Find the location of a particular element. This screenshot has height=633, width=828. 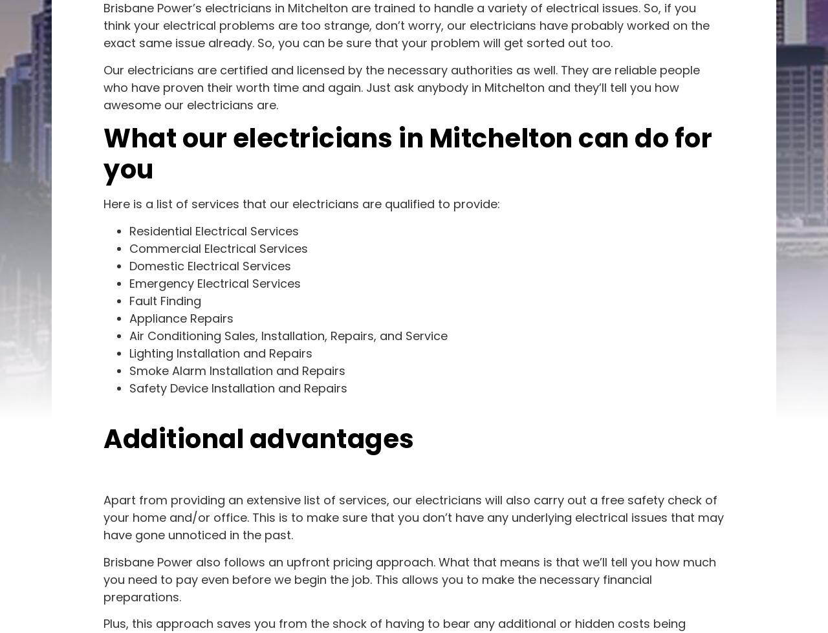

'Additional advantages' is located at coordinates (259, 437).